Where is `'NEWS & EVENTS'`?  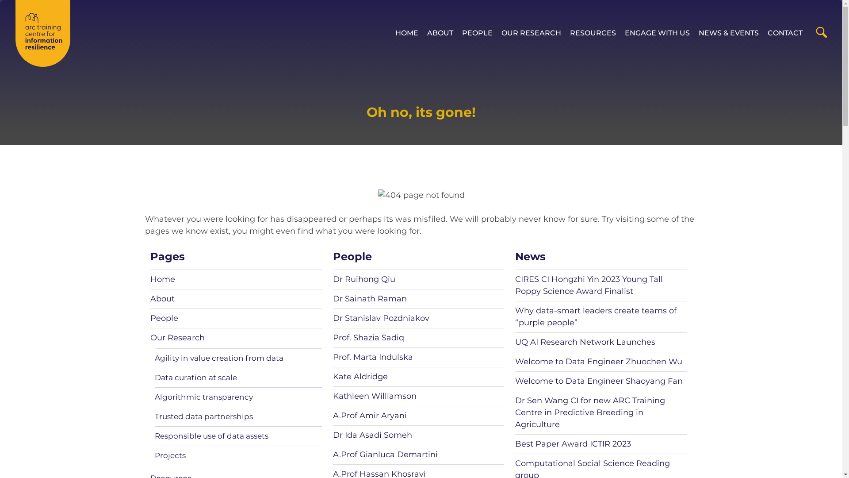 'NEWS & EVENTS' is located at coordinates (698, 32).